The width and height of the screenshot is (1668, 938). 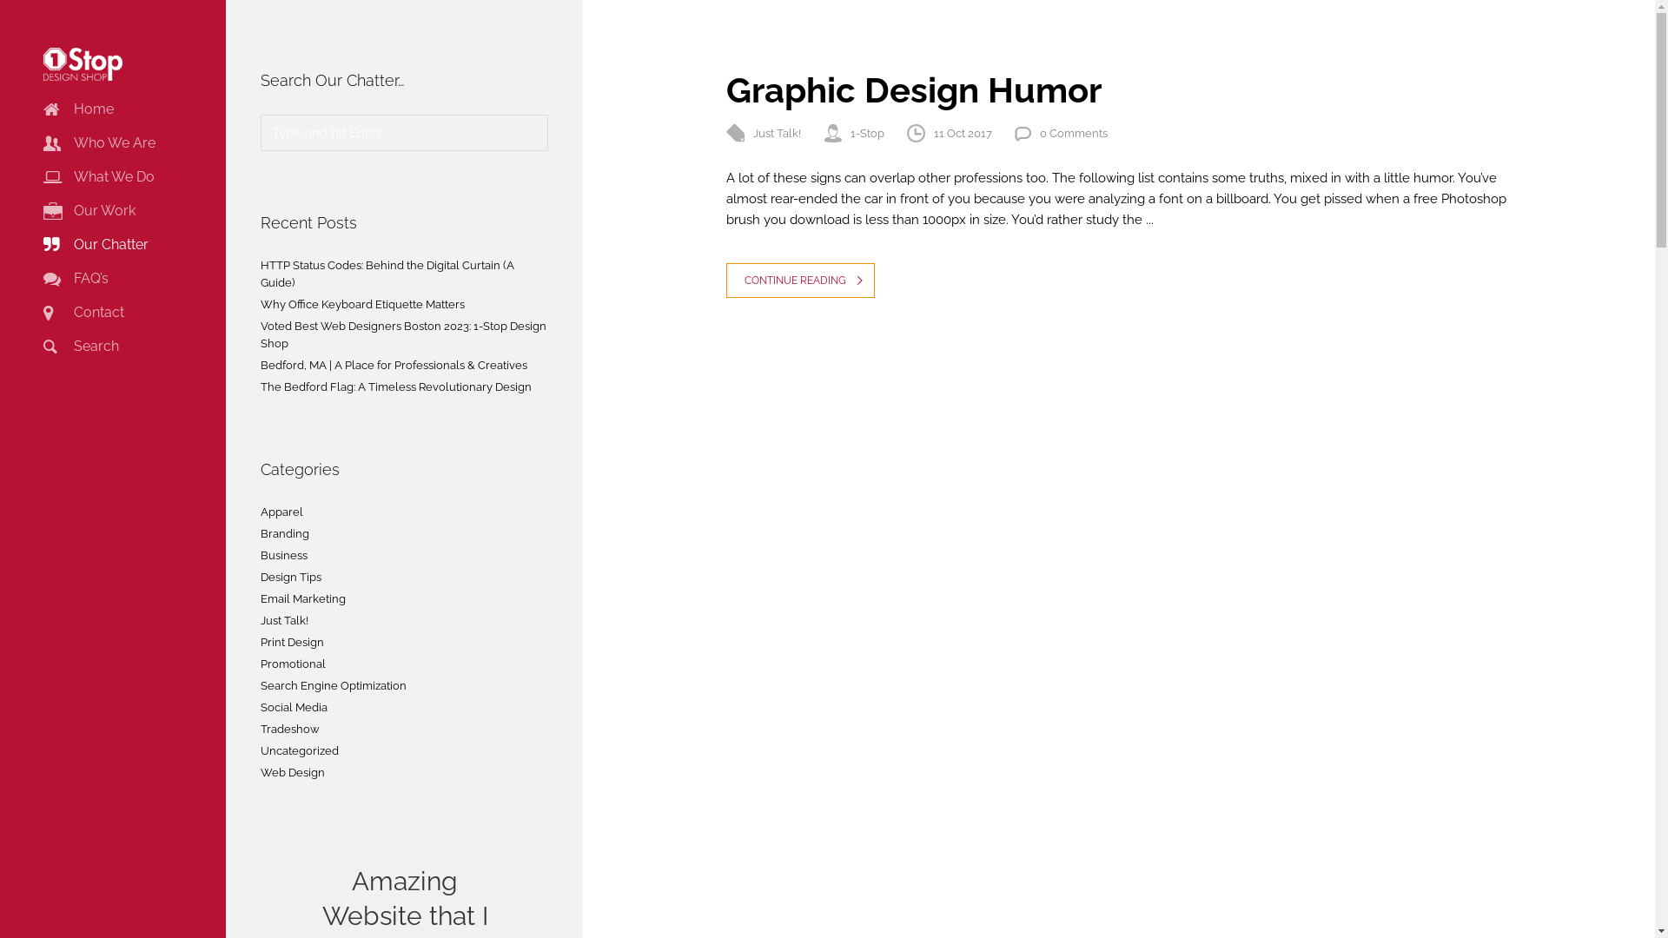 I want to click on '11 Oct 2017', so click(x=962, y=132).